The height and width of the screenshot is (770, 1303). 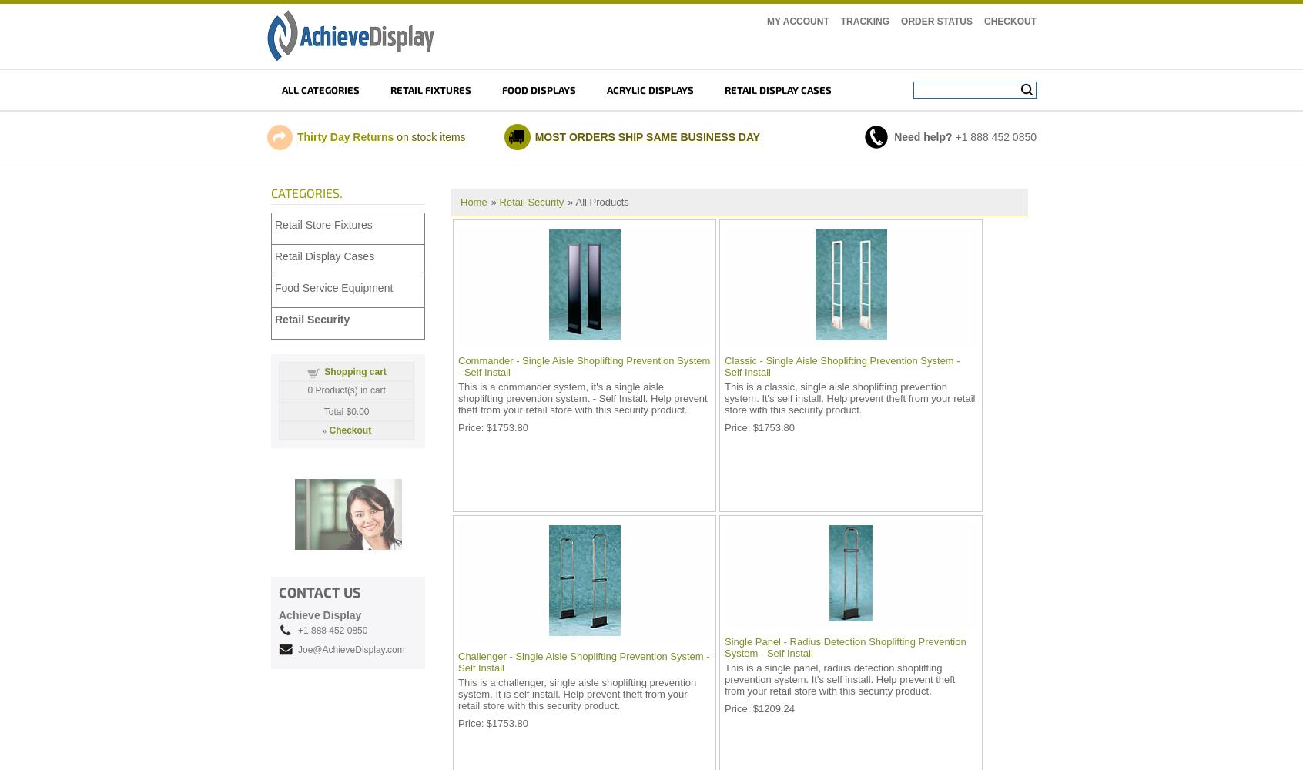 What do you see at coordinates (331, 630) in the screenshot?
I see `'+1 888 452 0850'` at bounding box center [331, 630].